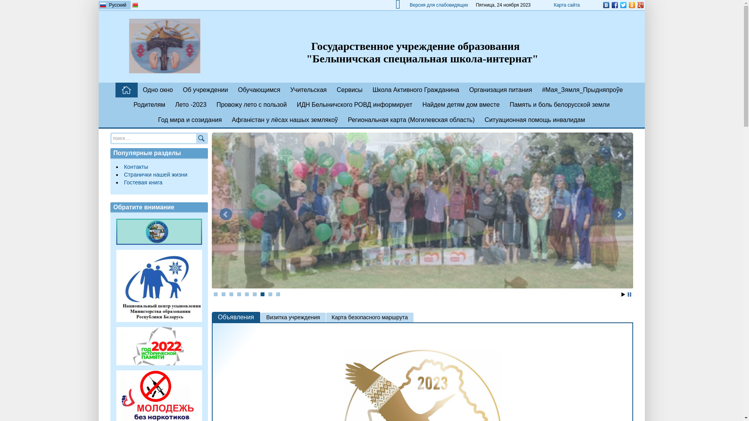 The height and width of the screenshot is (421, 749). What do you see at coordinates (223, 294) in the screenshot?
I see `'2'` at bounding box center [223, 294].